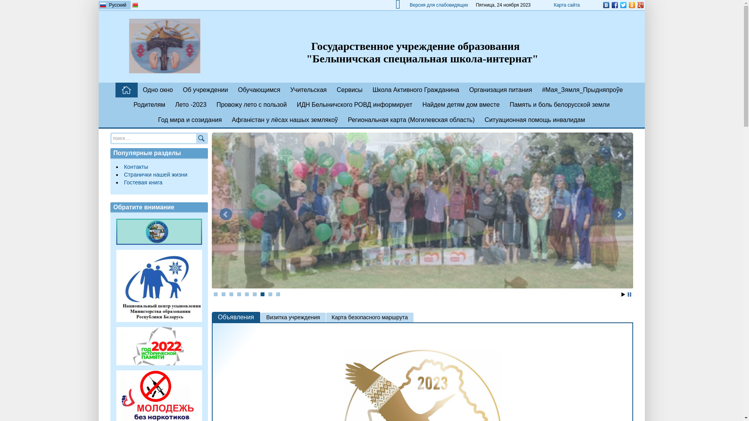 The height and width of the screenshot is (421, 749). What do you see at coordinates (223, 294) in the screenshot?
I see `'2'` at bounding box center [223, 294].